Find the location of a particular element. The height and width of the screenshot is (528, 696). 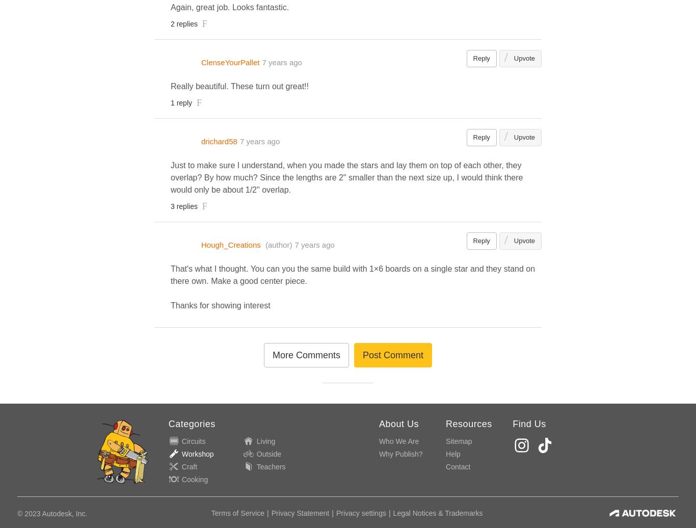

'That's what I thought.  You can you the same build with 1×6 boards on a single star and they stand on there own.  Make a good center piece.' is located at coordinates (353, 274).